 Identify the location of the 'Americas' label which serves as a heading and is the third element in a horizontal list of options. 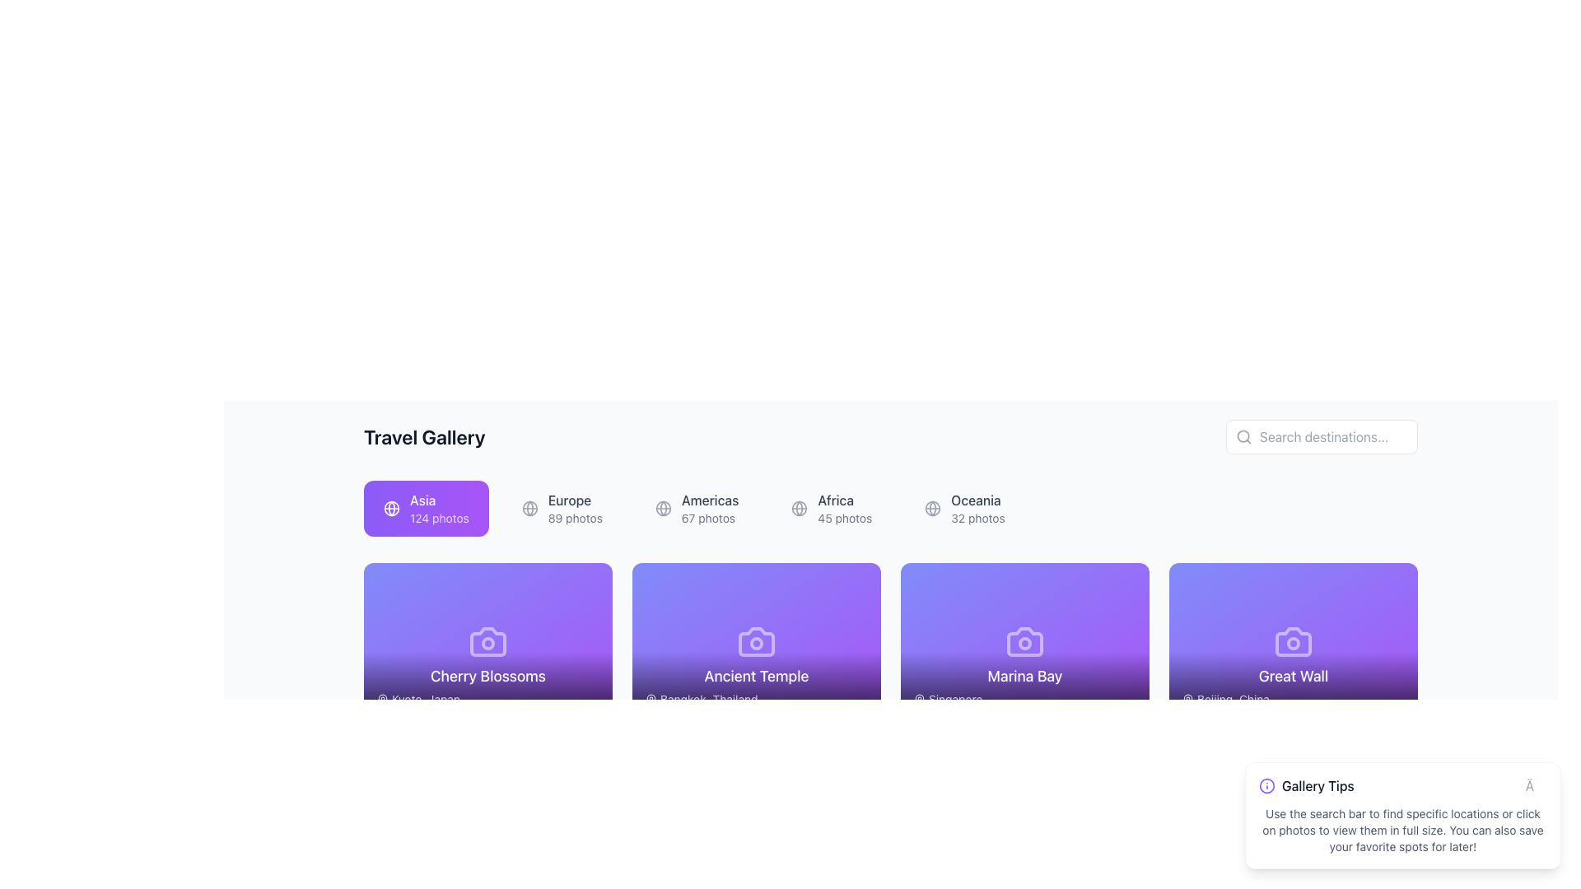
(710, 500).